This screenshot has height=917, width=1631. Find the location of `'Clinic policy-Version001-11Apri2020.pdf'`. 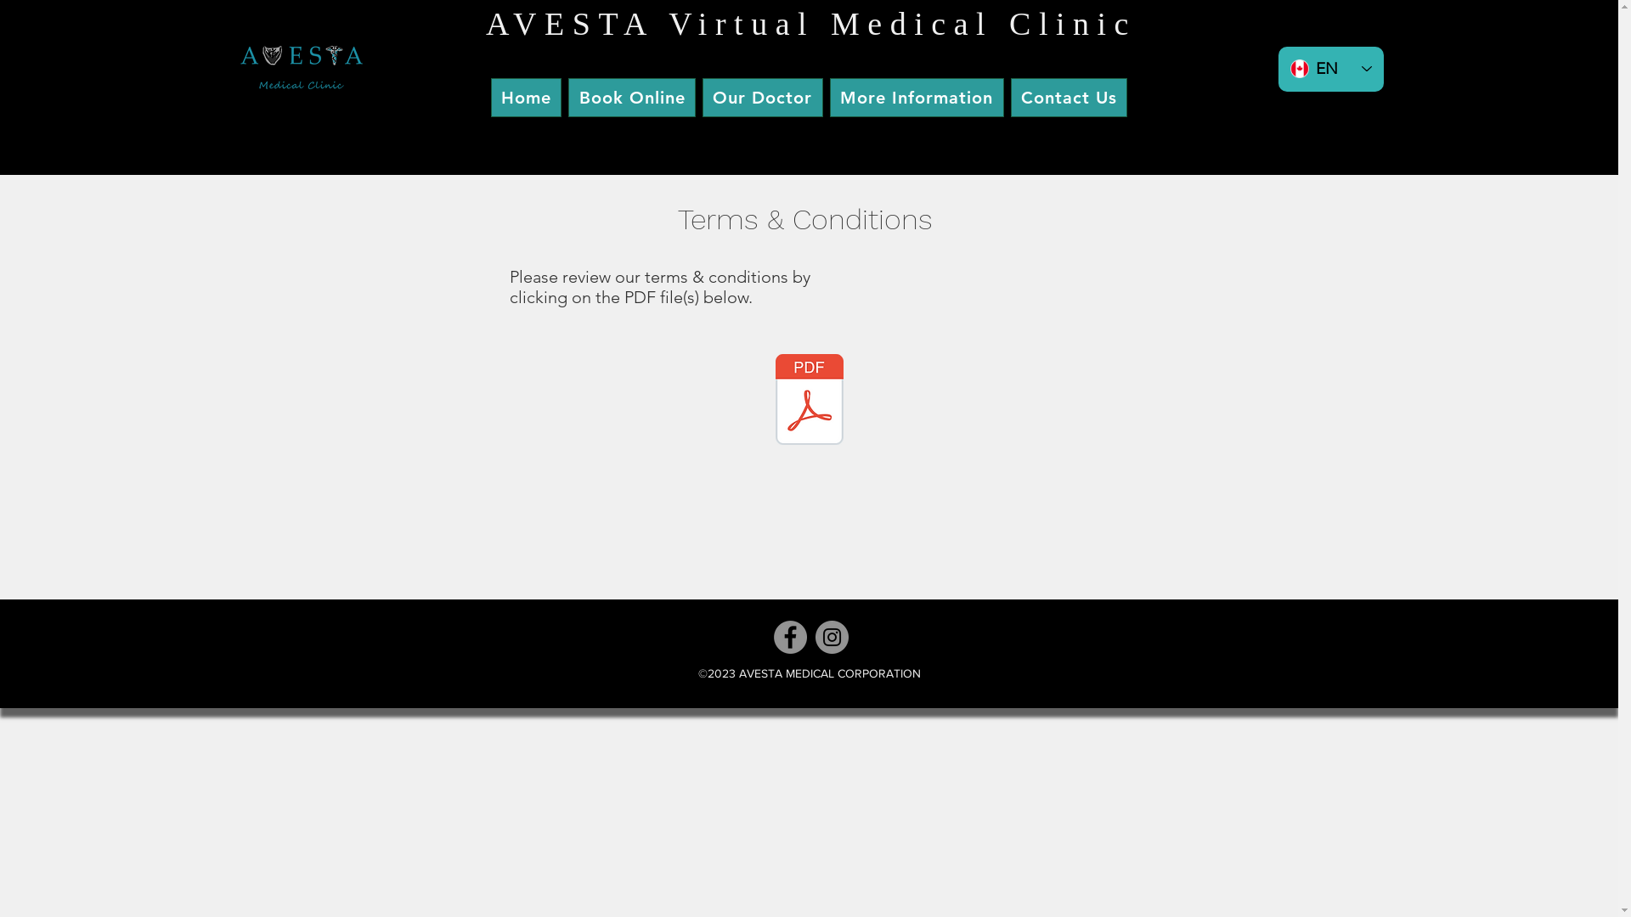

'Clinic policy-Version001-11Apri2020.pdf' is located at coordinates (809, 402).